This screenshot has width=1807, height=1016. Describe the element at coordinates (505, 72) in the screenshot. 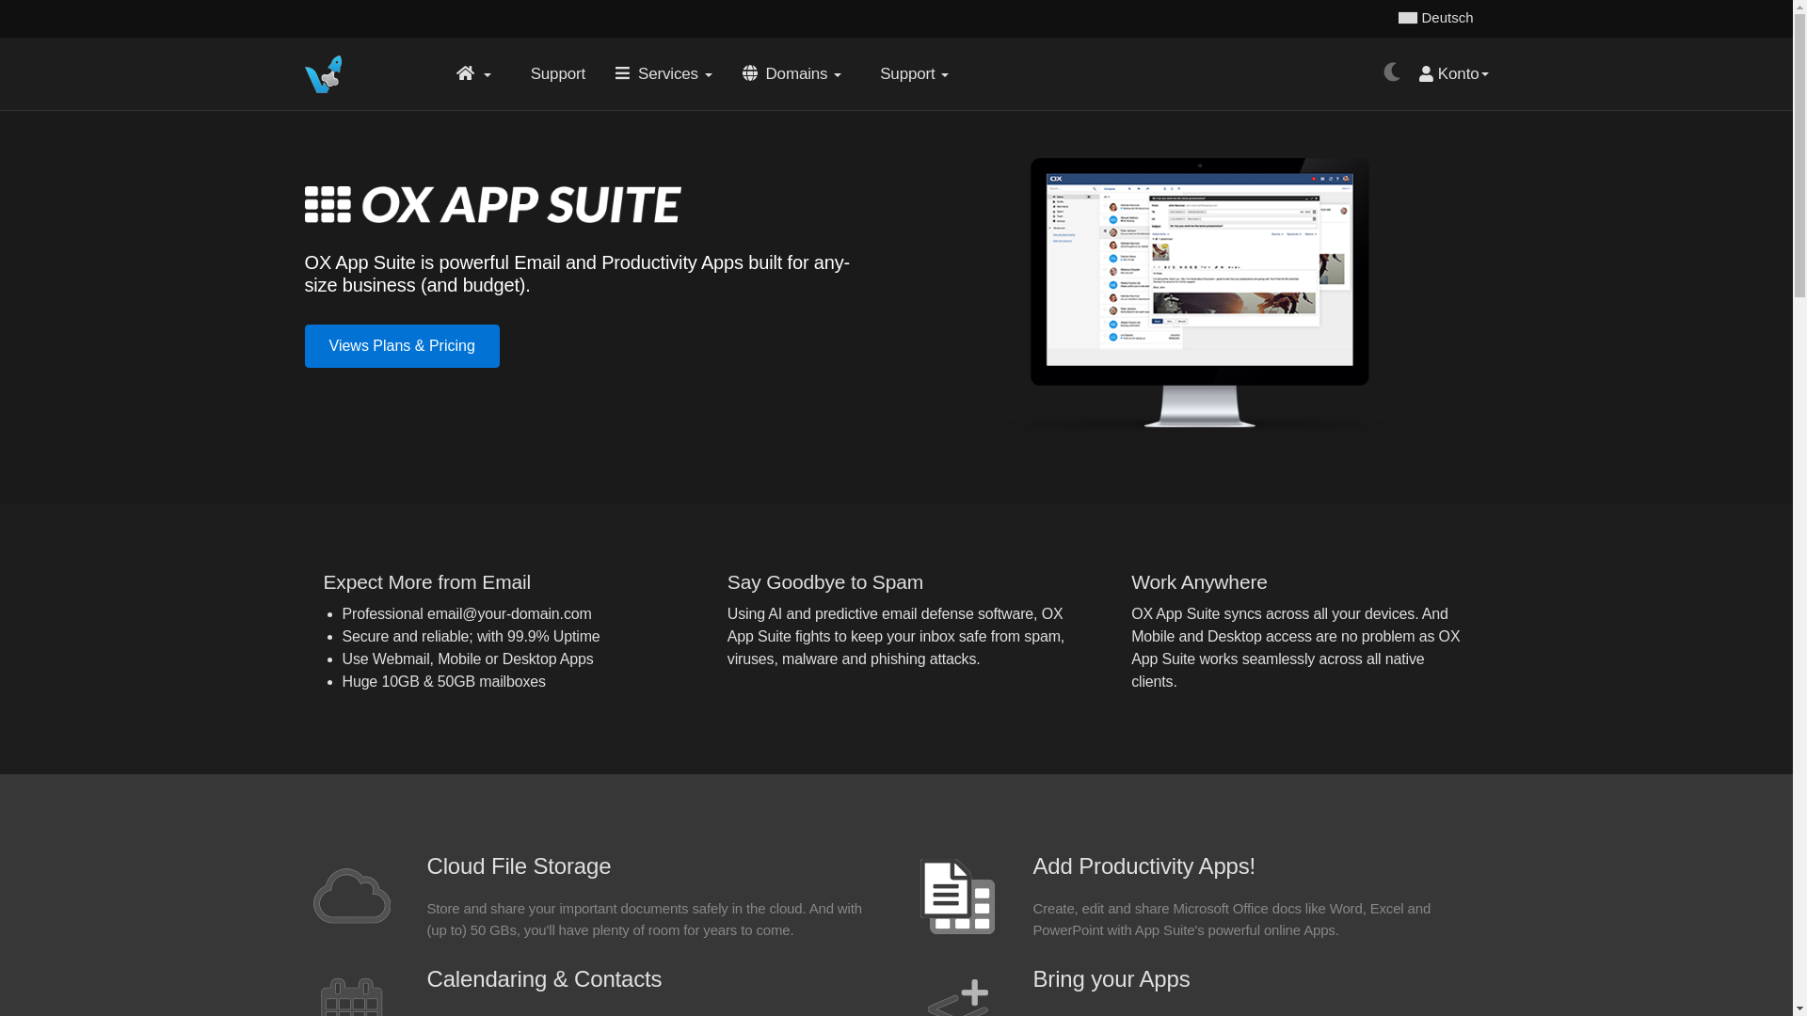

I see `'  Support'` at that location.